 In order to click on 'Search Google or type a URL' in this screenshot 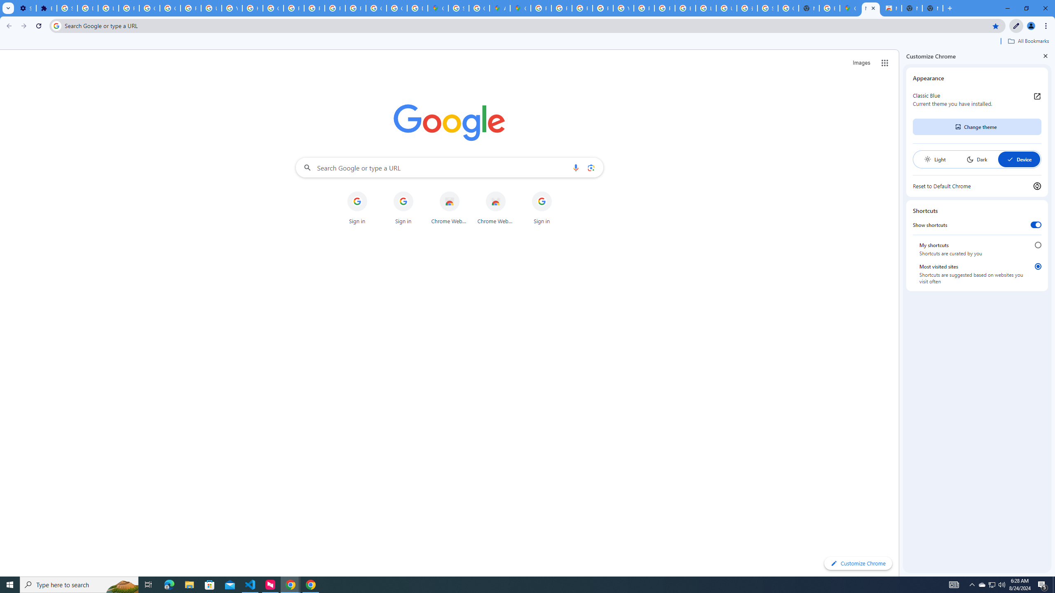, I will do `click(449, 167)`.